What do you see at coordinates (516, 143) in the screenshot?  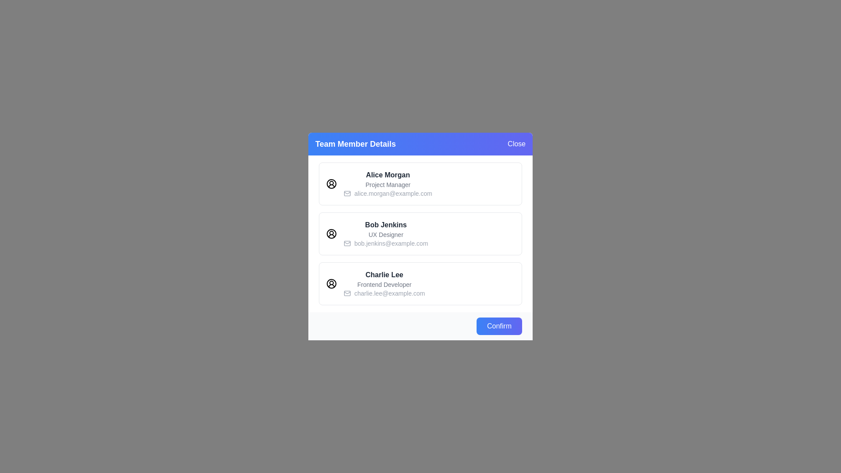 I see `the 'Close' button located in the top-right corner of the blue header bar` at bounding box center [516, 143].